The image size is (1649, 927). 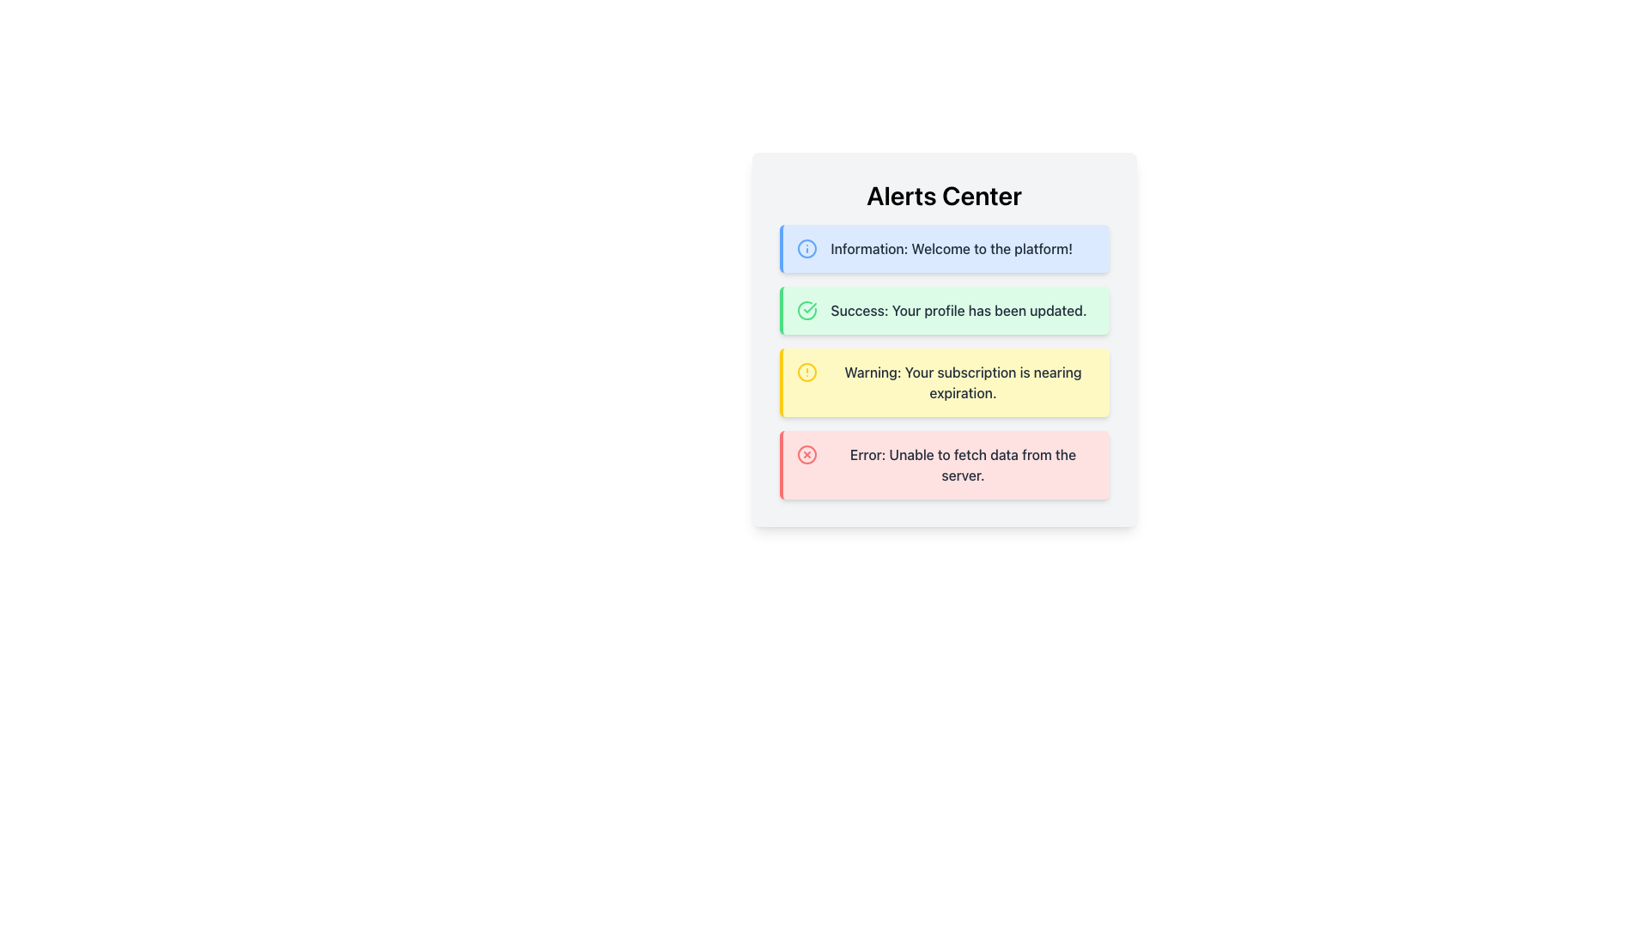 I want to click on text message that states 'Success: Your profile has been updated.' which is styled in a clean font on a green background, located in the second row of alerts below an 'Information' message, so click(x=958, y=311).